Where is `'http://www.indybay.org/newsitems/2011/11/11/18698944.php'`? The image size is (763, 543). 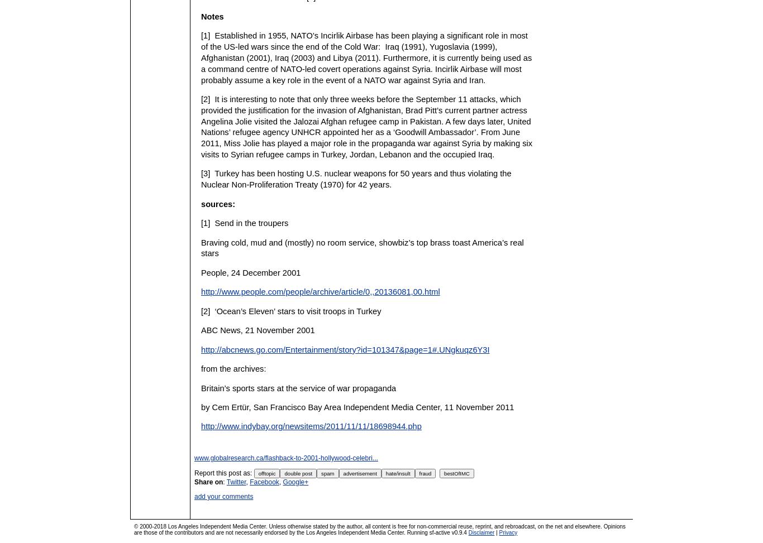 'http://www.indybay.org/newsitems/2011/11/11/18698944.php' is located at coordinates (311, 426).